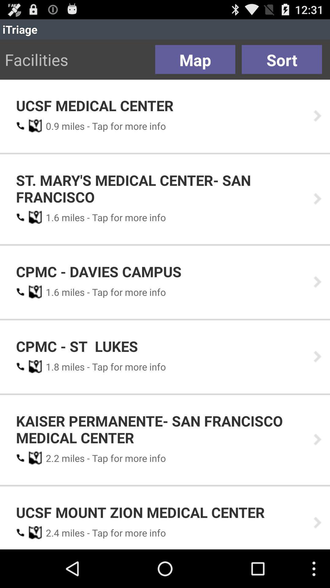 This screenshot has height=588, width=330. I want to click on the app next to the miles tap for app, so click(50, 126).